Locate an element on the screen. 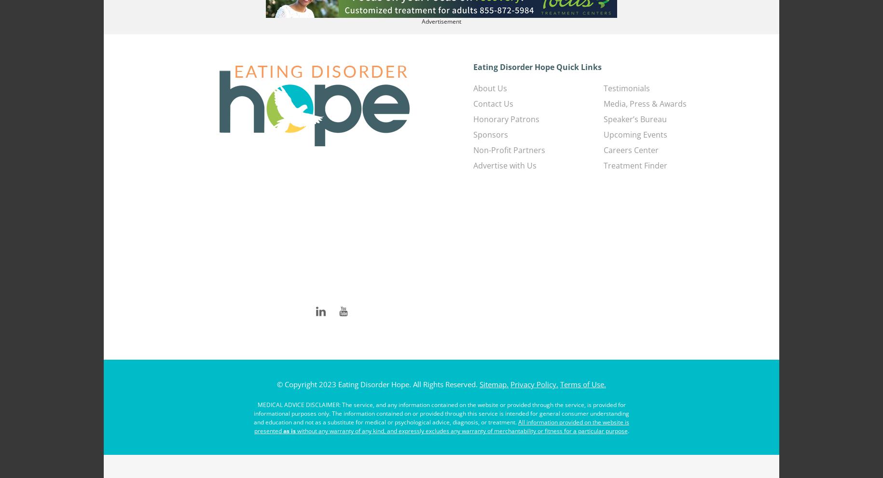 The height and width of the screenshot is (478, 883). '© Copyright 2023 Eating Disorder Hope. All Rights Reserved.' is located at coordinates (377, 383).